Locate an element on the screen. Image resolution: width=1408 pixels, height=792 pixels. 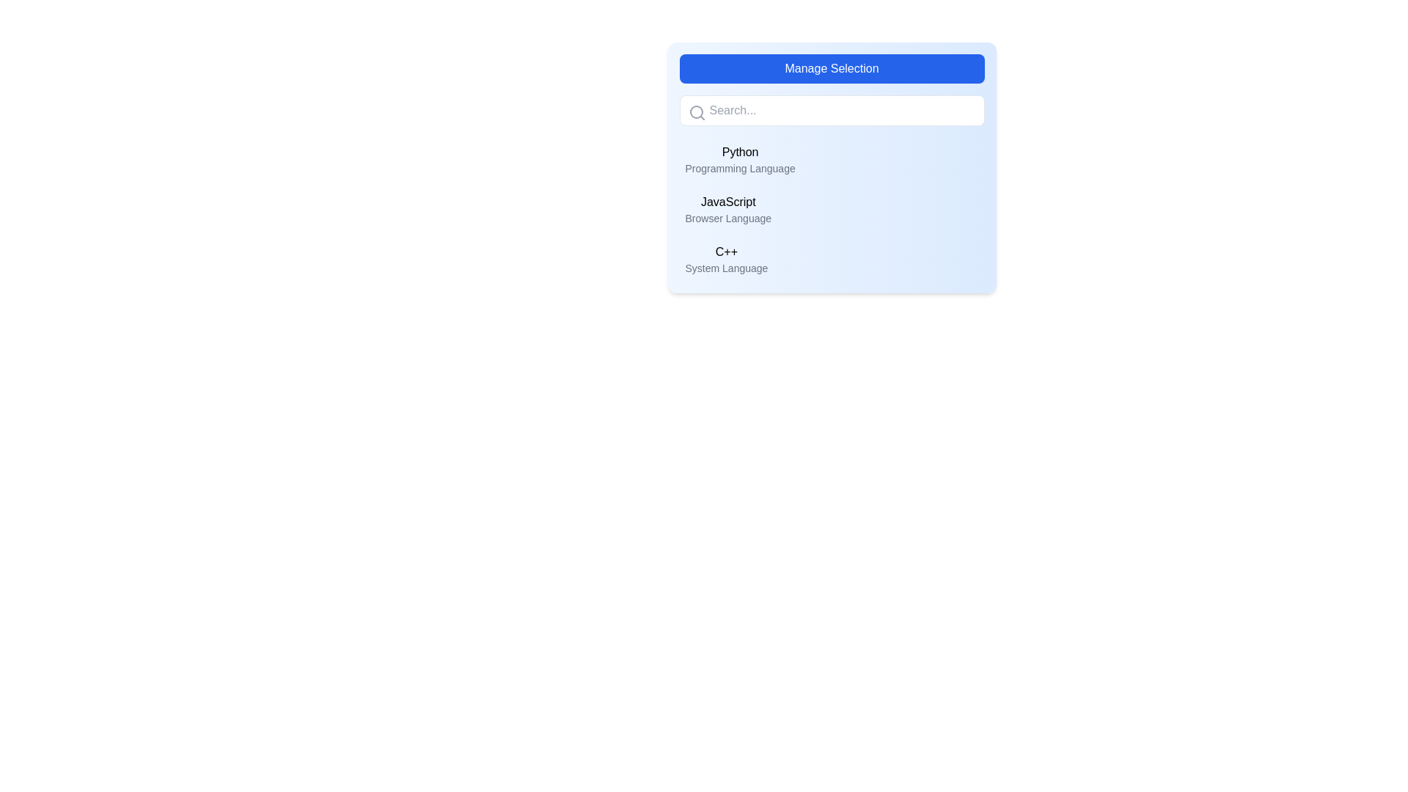
the search input field by clicking on the magnifying glass icon located at the top left corner of the search bar is located at coordinates (696, 112).